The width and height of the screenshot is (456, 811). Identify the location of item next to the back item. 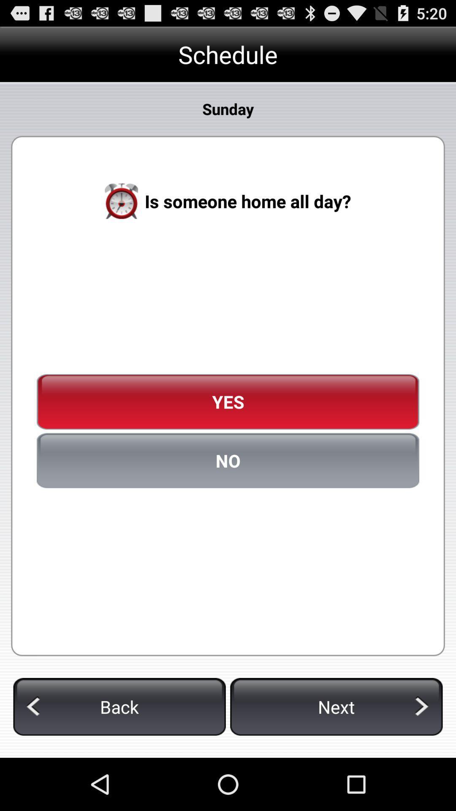
(336, 707).